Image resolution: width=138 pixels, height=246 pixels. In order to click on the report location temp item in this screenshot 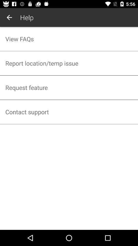, I will do `click(69, 63)`.